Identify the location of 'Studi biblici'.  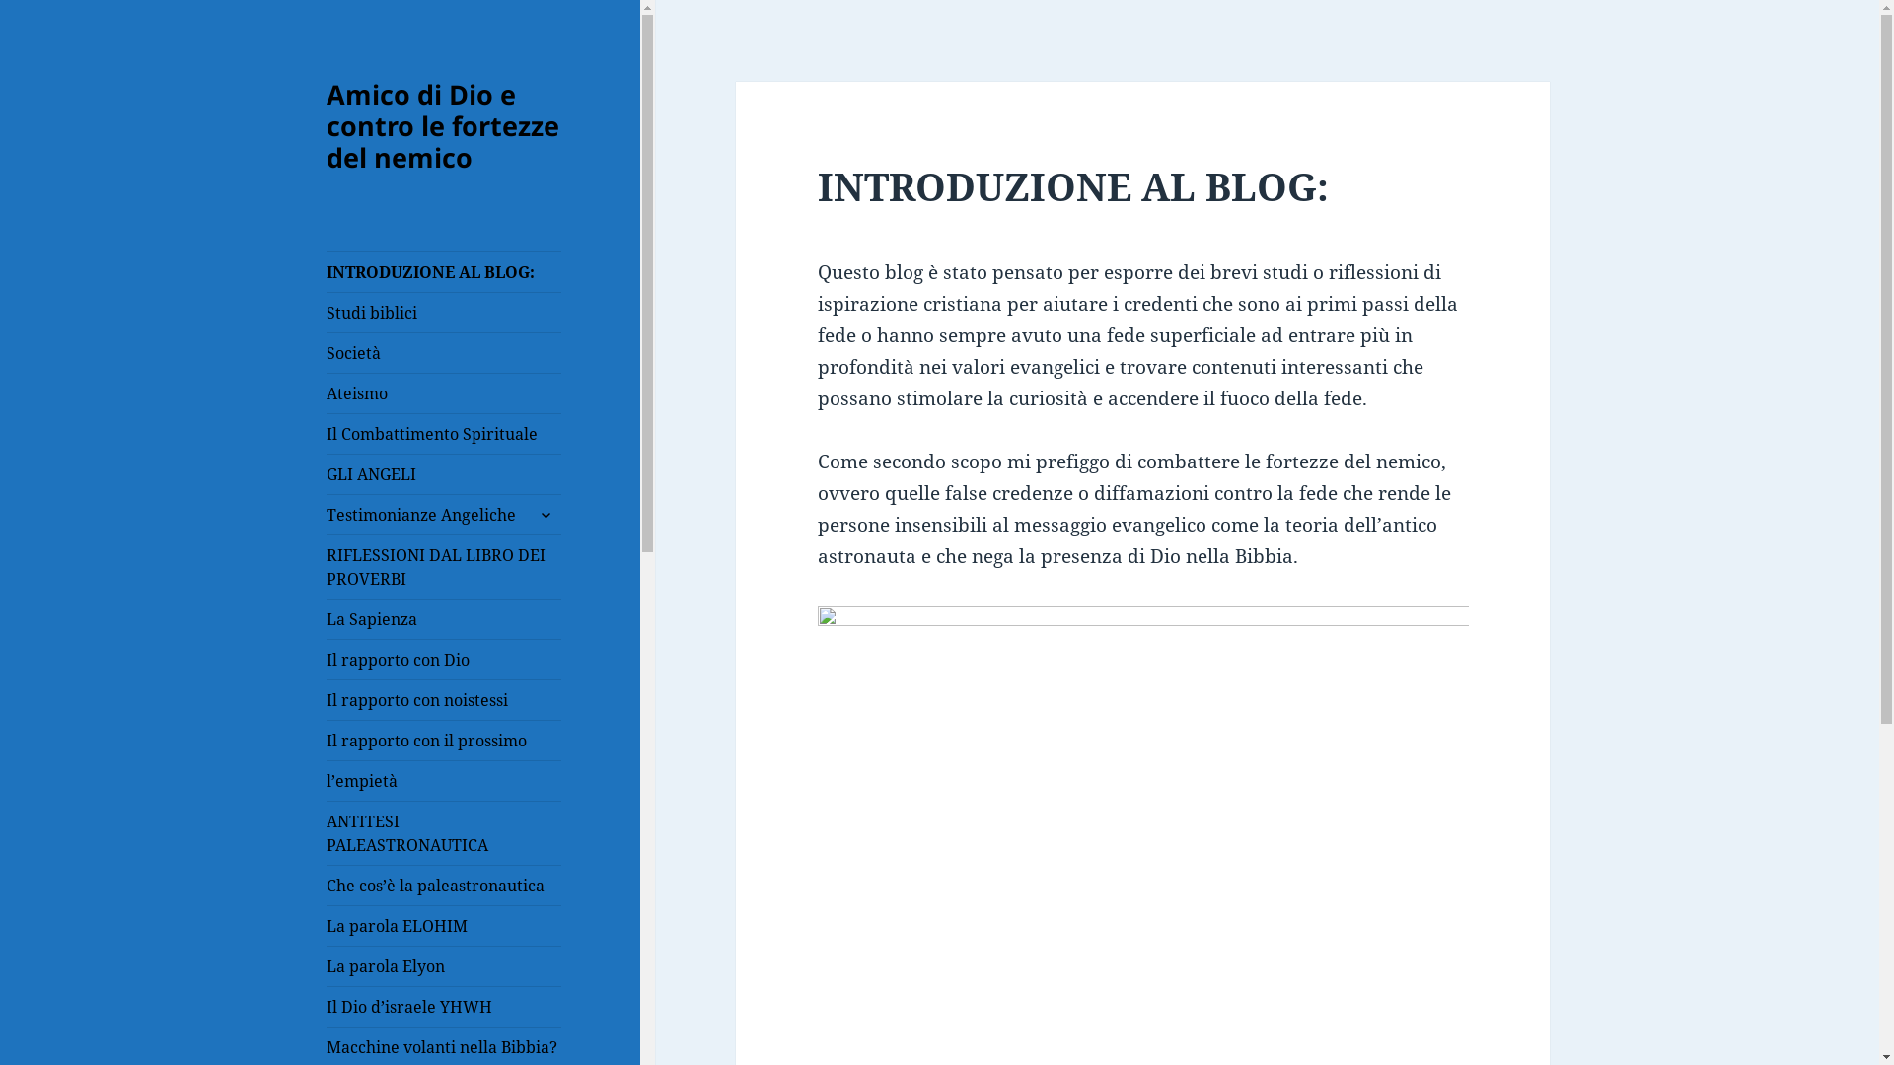
(443, 311).